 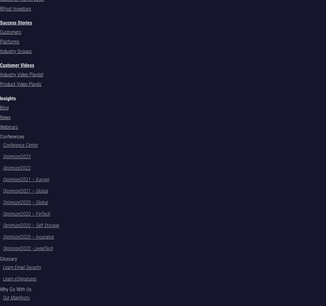 What do you see at coordinates (20, 84) in the screenshot?
I see `'Product Video Playlis'` at bounding box center [20, 84].